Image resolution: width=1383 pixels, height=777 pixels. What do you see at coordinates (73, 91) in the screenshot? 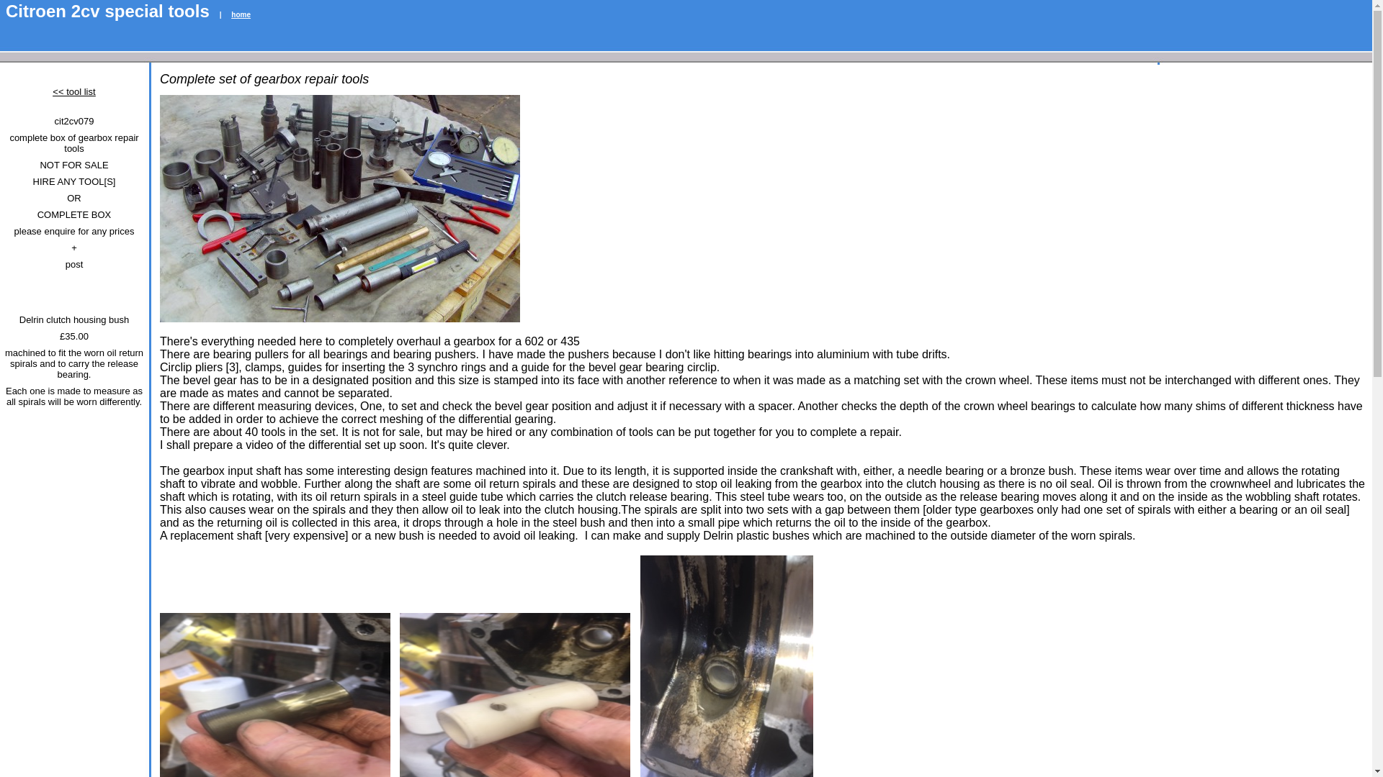
I see `'<< tool list'` at bounding box center [73, 91].